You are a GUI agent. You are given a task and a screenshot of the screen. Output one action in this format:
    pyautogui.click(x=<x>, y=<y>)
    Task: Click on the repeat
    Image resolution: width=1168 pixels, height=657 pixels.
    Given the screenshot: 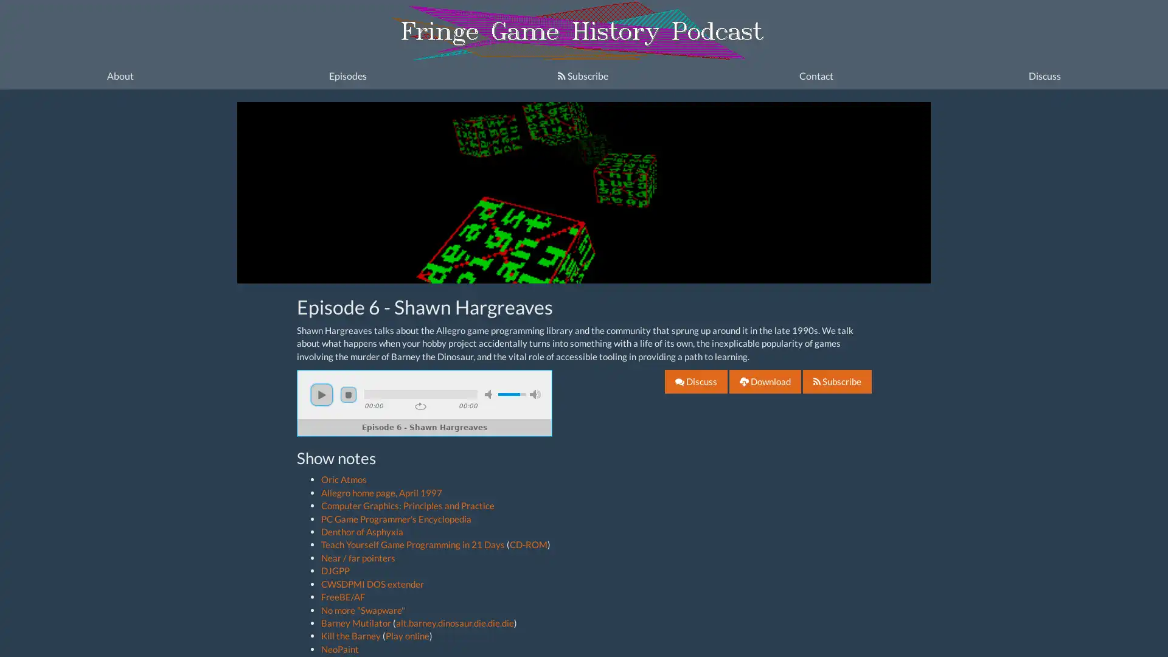 What is the action you would take?
    pyautogui.click(x=420, y=406)
    